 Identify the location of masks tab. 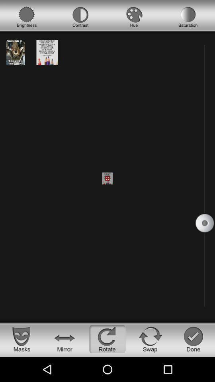
(21, 339).